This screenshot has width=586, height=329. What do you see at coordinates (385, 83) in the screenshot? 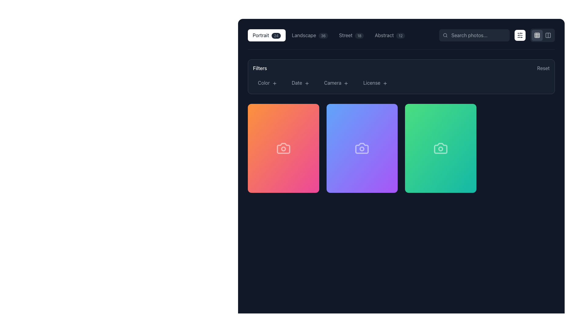
I see `the small cross-shaped icon, which is a minimalistic plus sign, located to the right of the 'License' button` at bounding box center [385, 83].